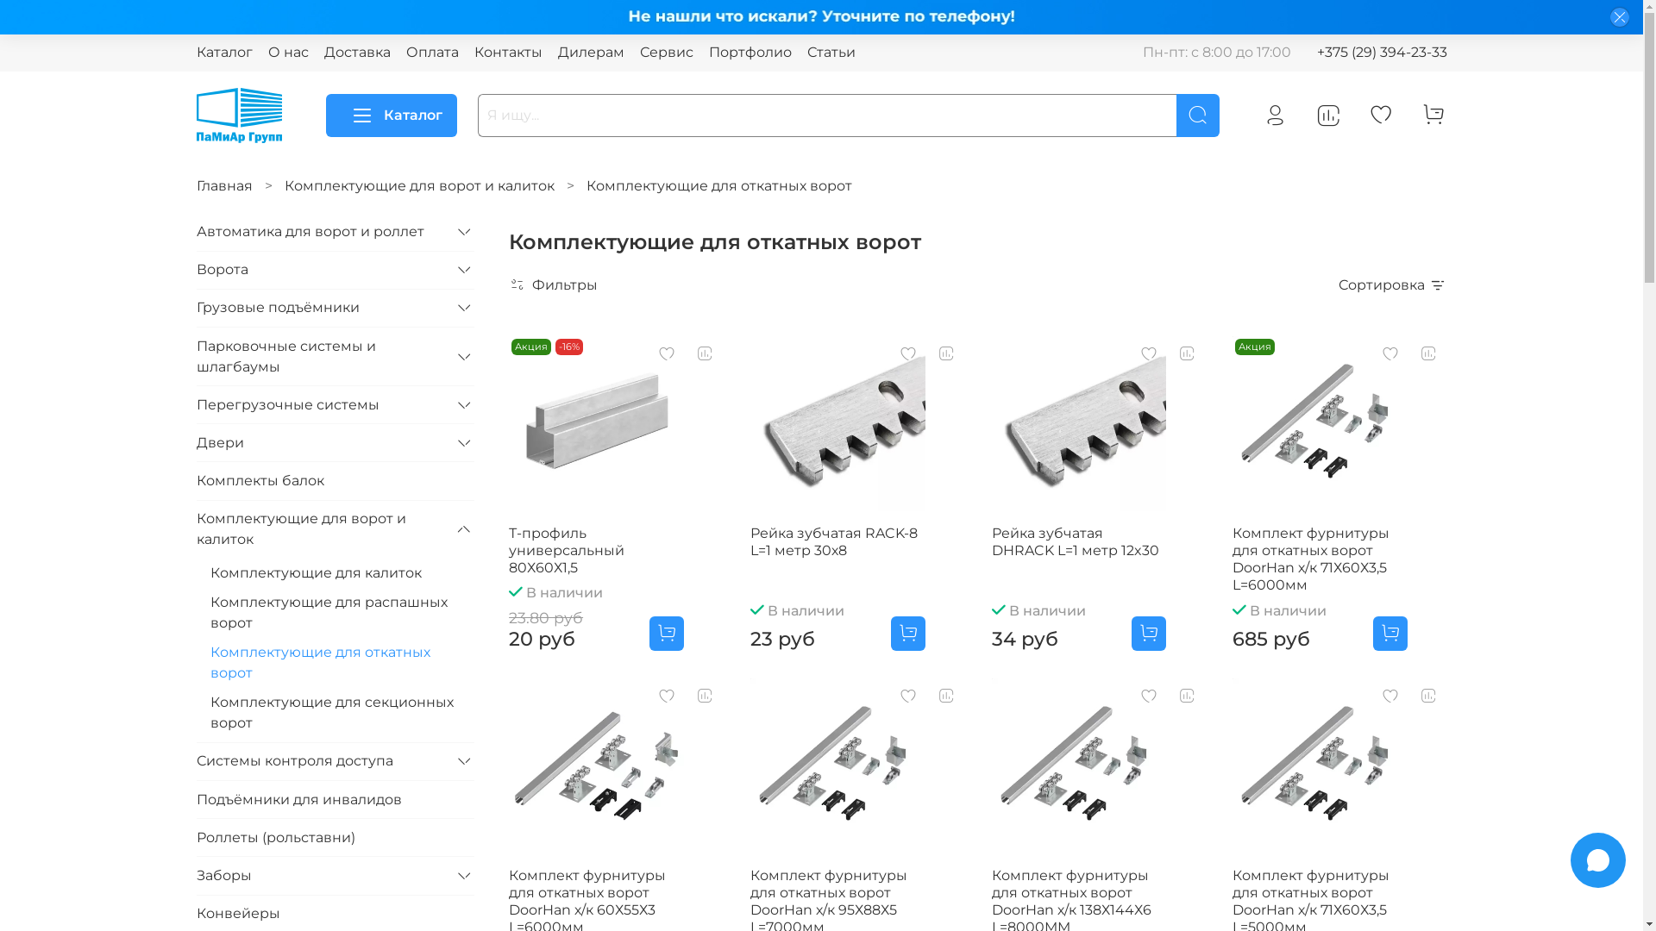  What do you see at coordinates (1381, 52) in the screenshot?
I see `'+375 (29) 394-23-33'` at bounding box center [1381, 52].